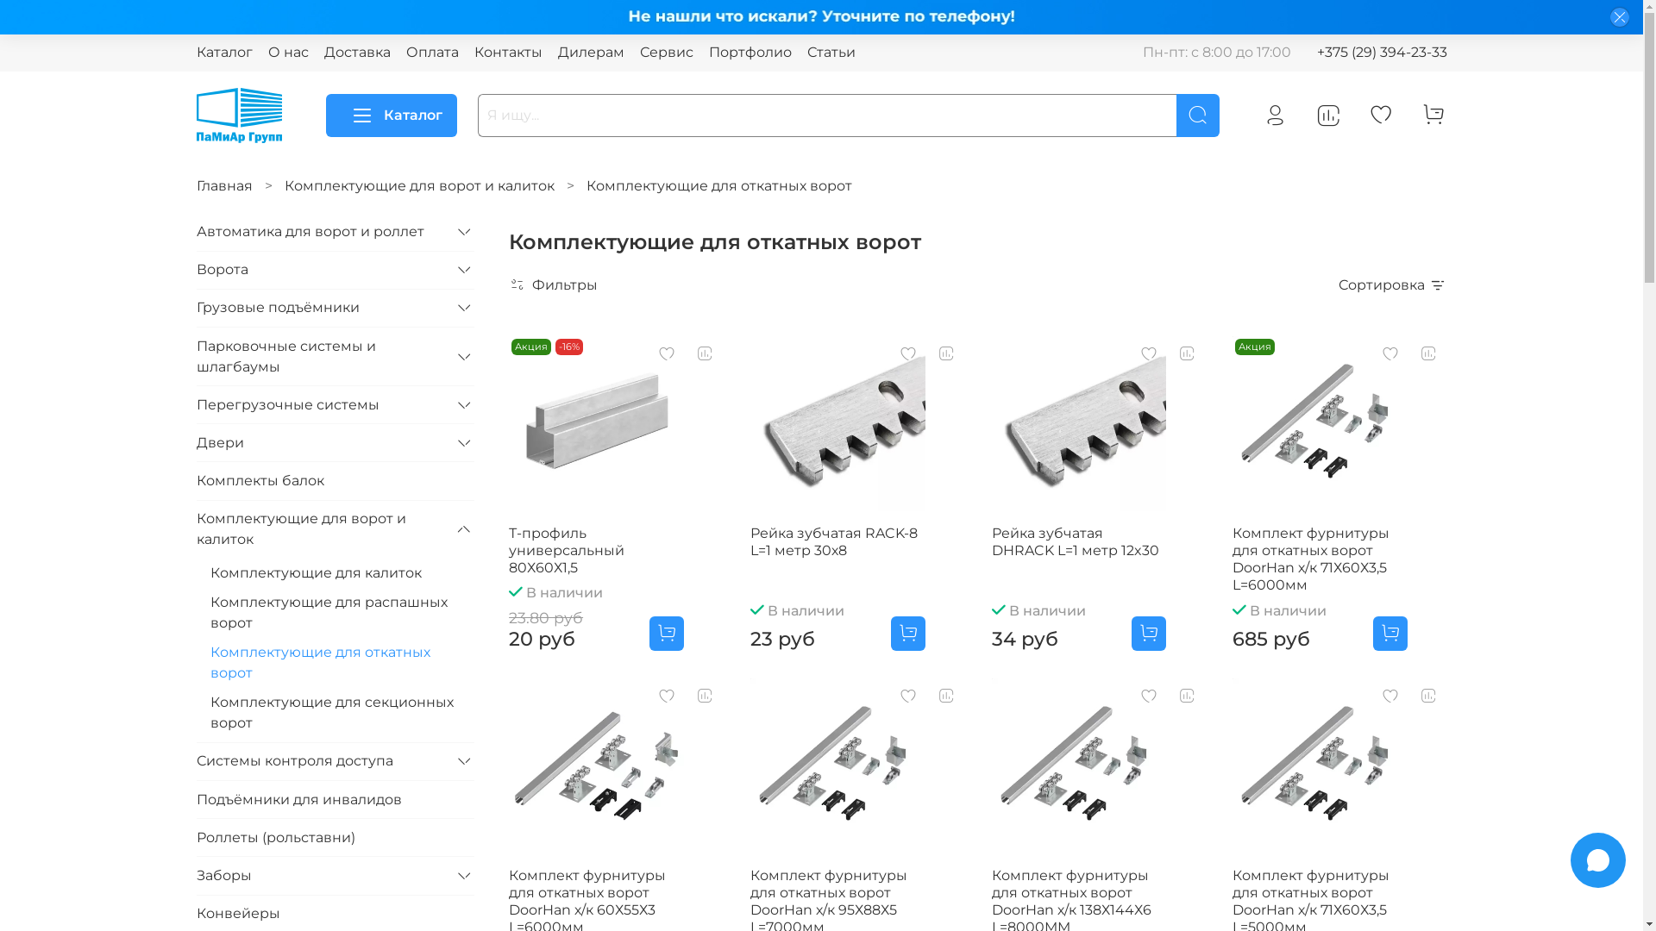  What do you see at coordinates (1381, 52) in the screenshot?
I see `'+375 (29) 394-23-33'` at bounding box center [1381, 52].